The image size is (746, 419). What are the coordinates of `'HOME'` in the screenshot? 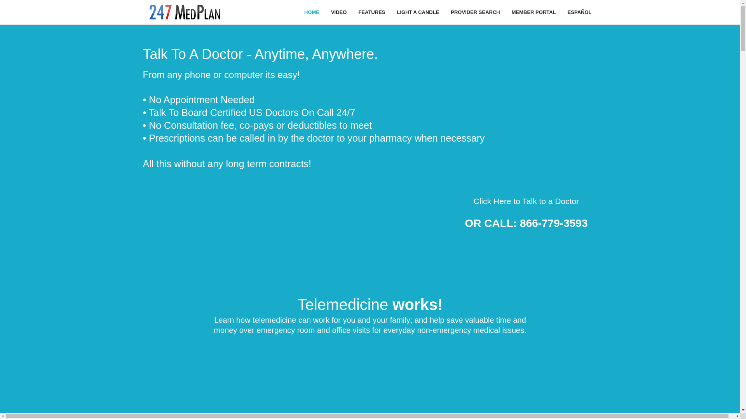 It's located at (312, 12).